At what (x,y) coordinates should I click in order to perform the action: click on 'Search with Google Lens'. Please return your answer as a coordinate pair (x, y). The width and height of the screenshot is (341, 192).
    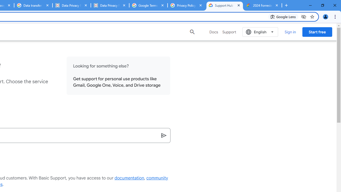
    Looking at the image, I should click on (283, 16).